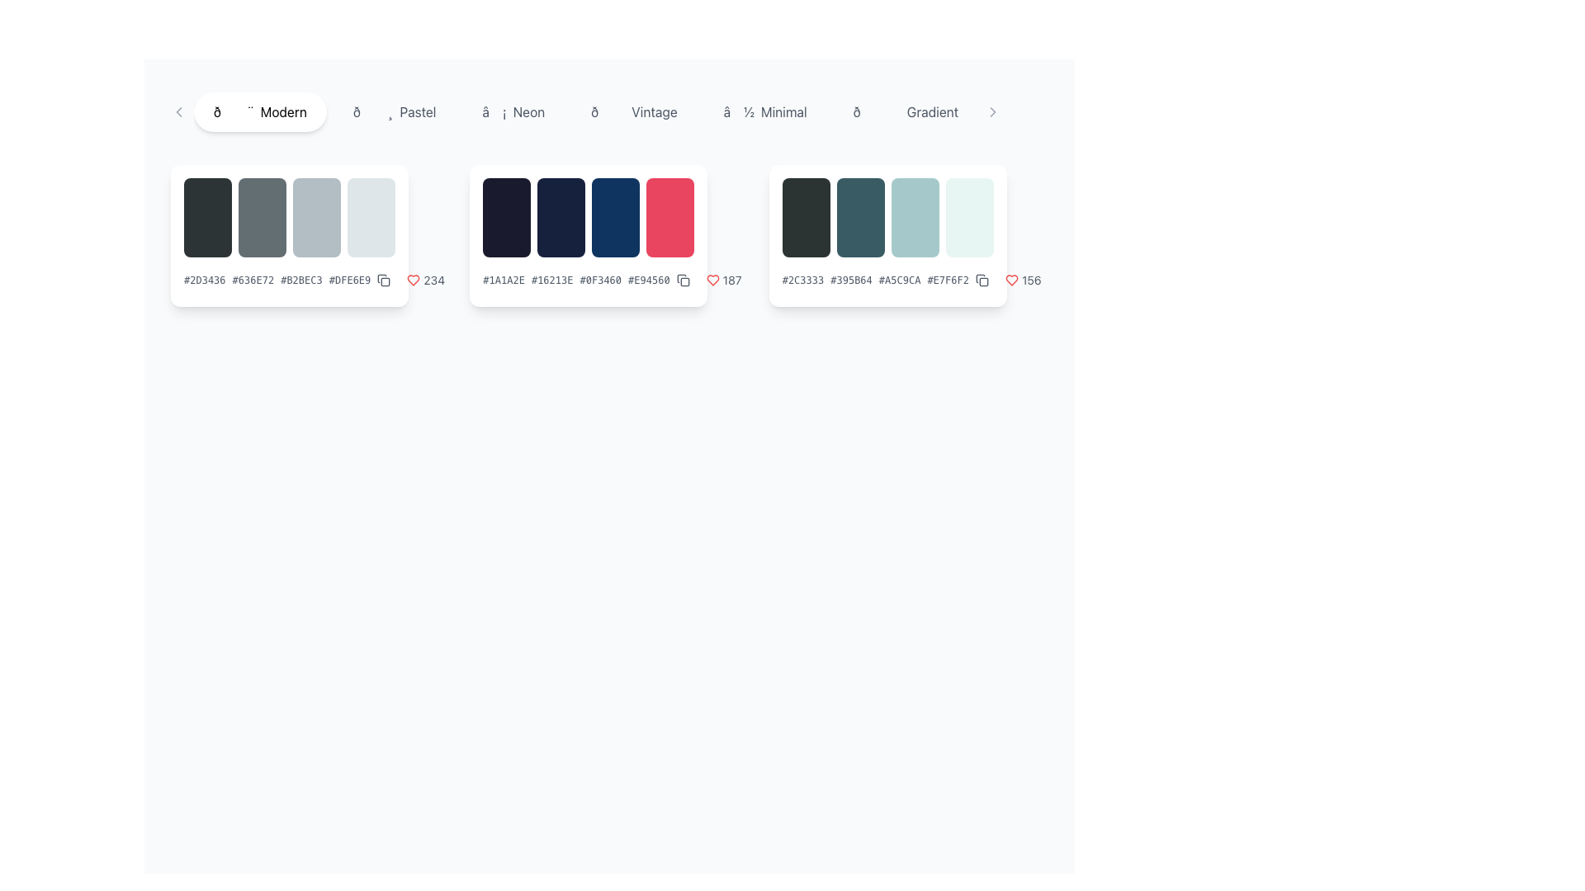 Image resolution: width=1585 pixels, height=891 pixels. Describe the element at coordinates (289, 235) in the screenshot. I see `the Color Palette Display Card located at the top-left corner of the interface, which displays color choices and their hexadecimal codes` at that location.